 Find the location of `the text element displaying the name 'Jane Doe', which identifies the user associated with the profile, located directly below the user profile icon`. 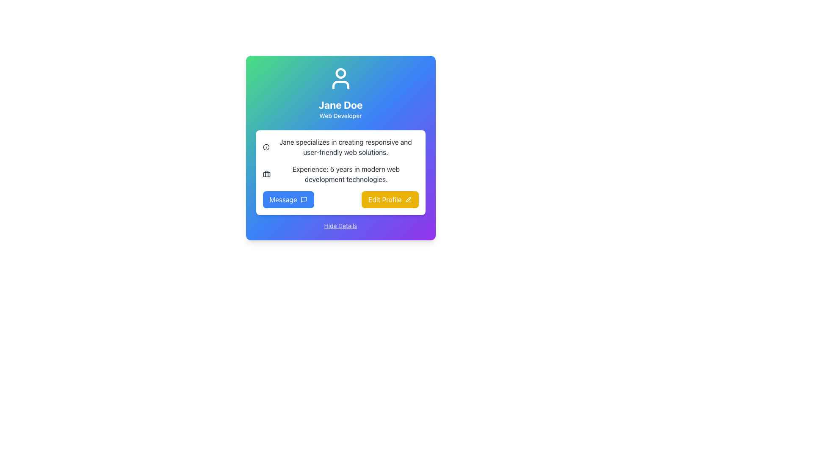

the text element displaying the name 'Jane Doe', which identifies the user associated with the profile, located directly below the user profile icon is located at coordinates (340, 104).